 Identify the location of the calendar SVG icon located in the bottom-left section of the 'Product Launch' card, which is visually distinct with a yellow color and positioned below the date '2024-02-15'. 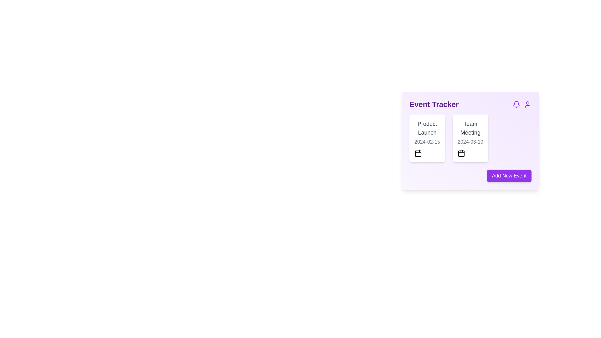
(418, 153).